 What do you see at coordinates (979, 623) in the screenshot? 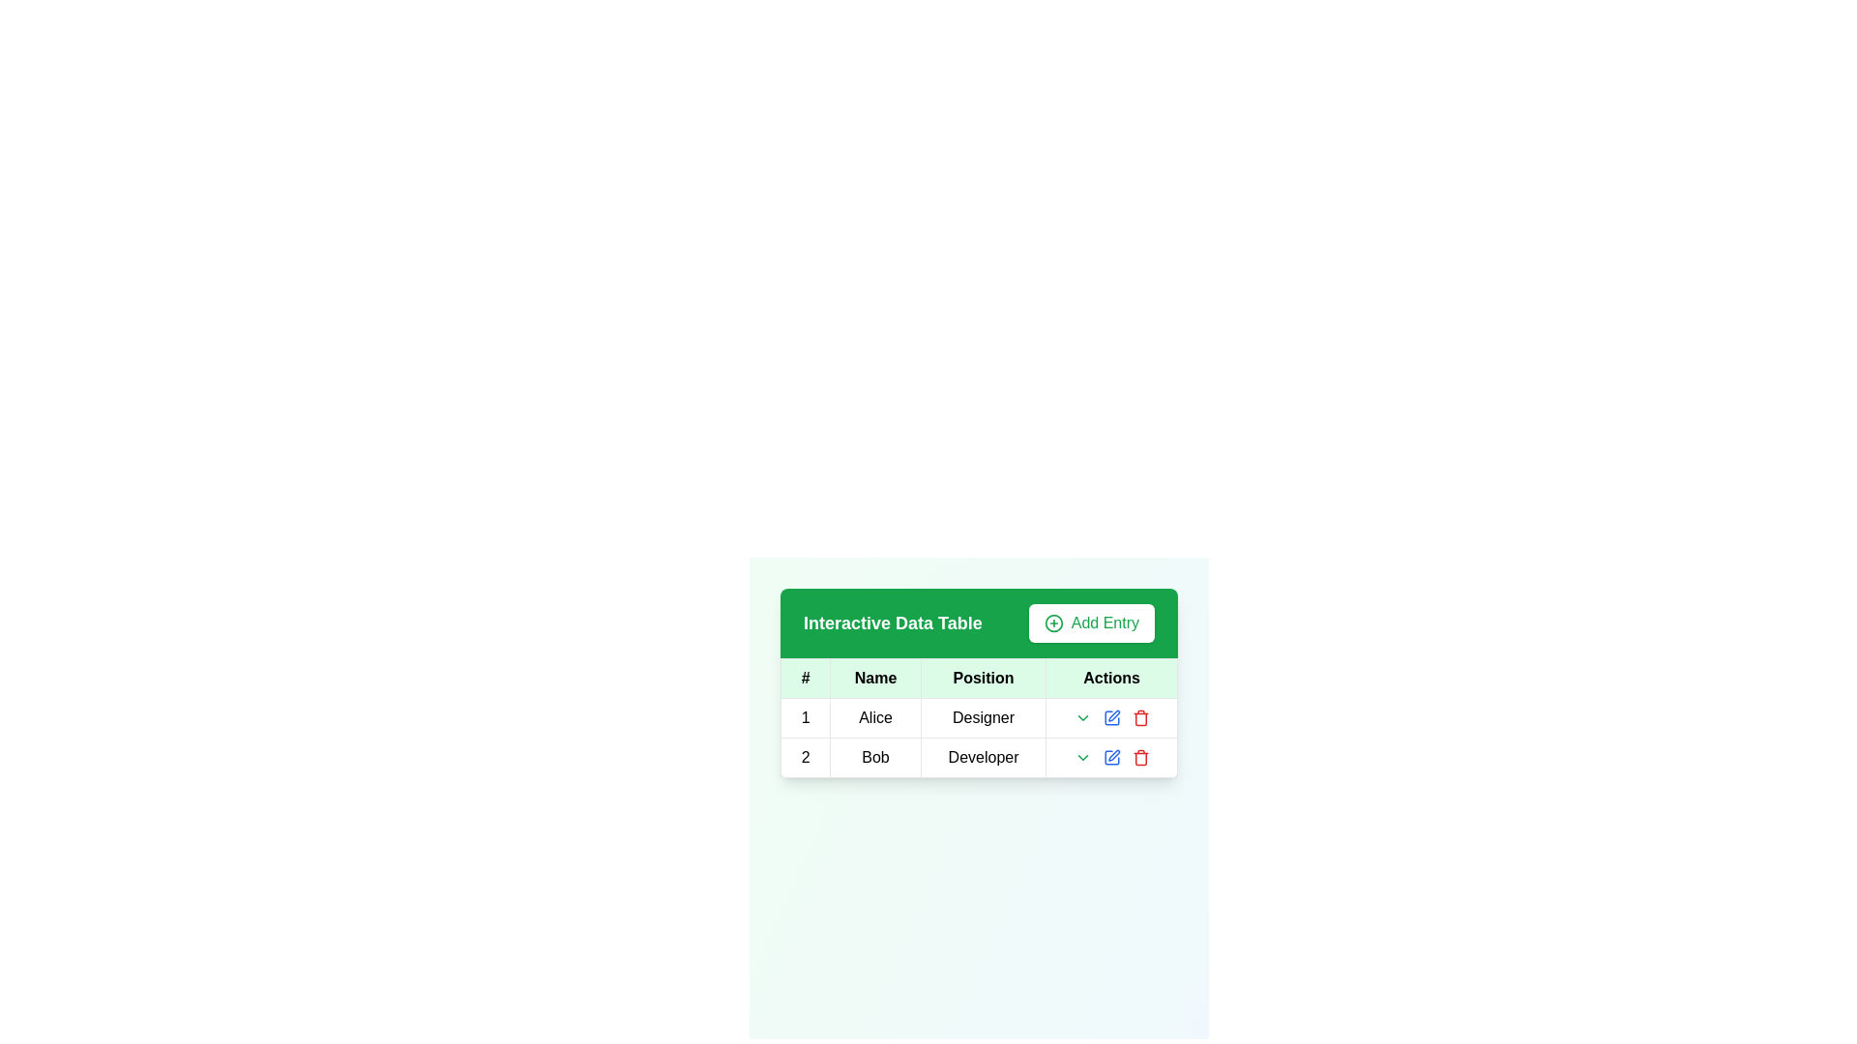
I see `the header section labeled 'Interactive Data Table' or the 'Add Entry' button on the right side for interactions on touch devices` at bounding box center [979, 623].